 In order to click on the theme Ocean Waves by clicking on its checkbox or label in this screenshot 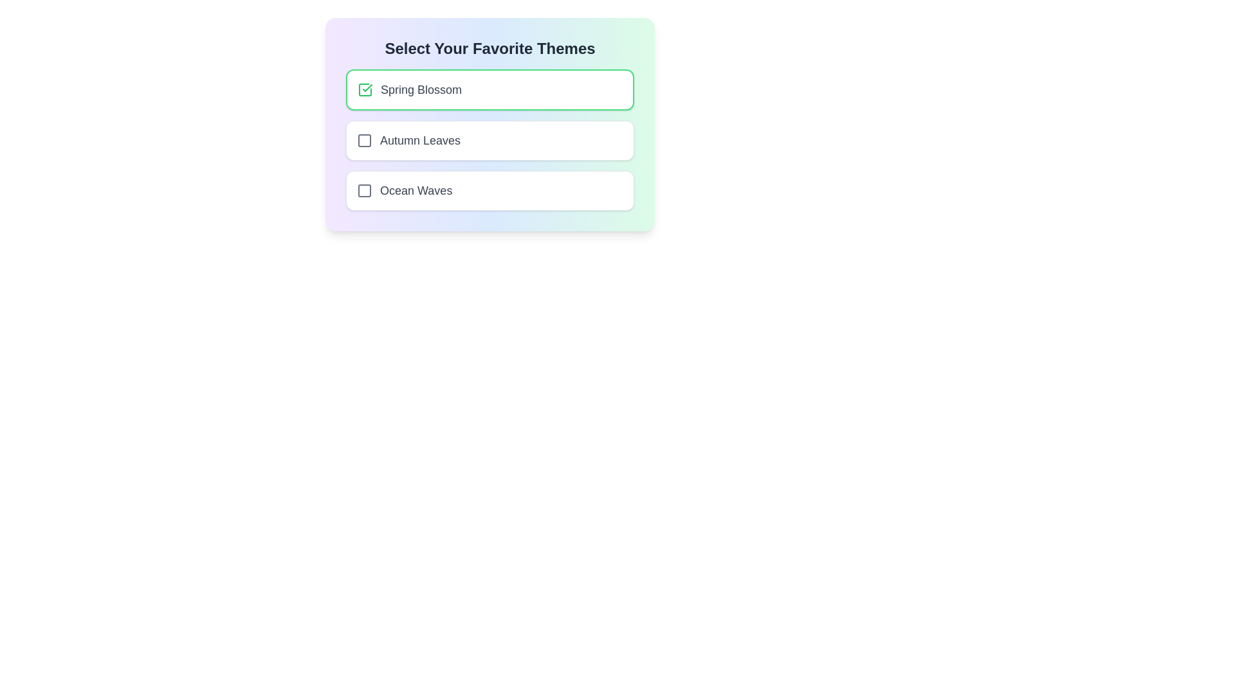, I will do `click(489, 191)`.